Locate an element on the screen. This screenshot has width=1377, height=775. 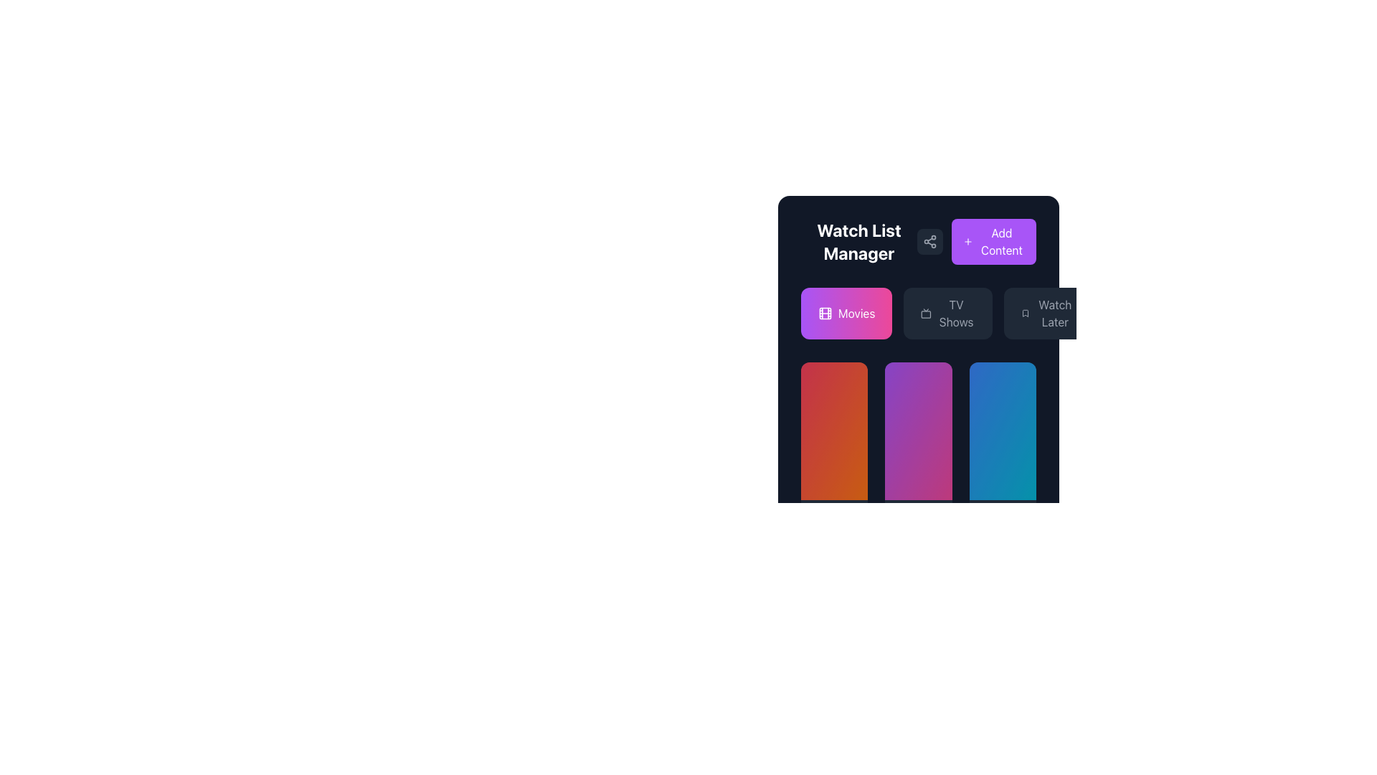
the first informational card or visual placeholder located at the top-left position of a group of three similar elements, which is below the navigation buttons for 'Movies' and 'TV Shows' is located at coordinates (834, 431).